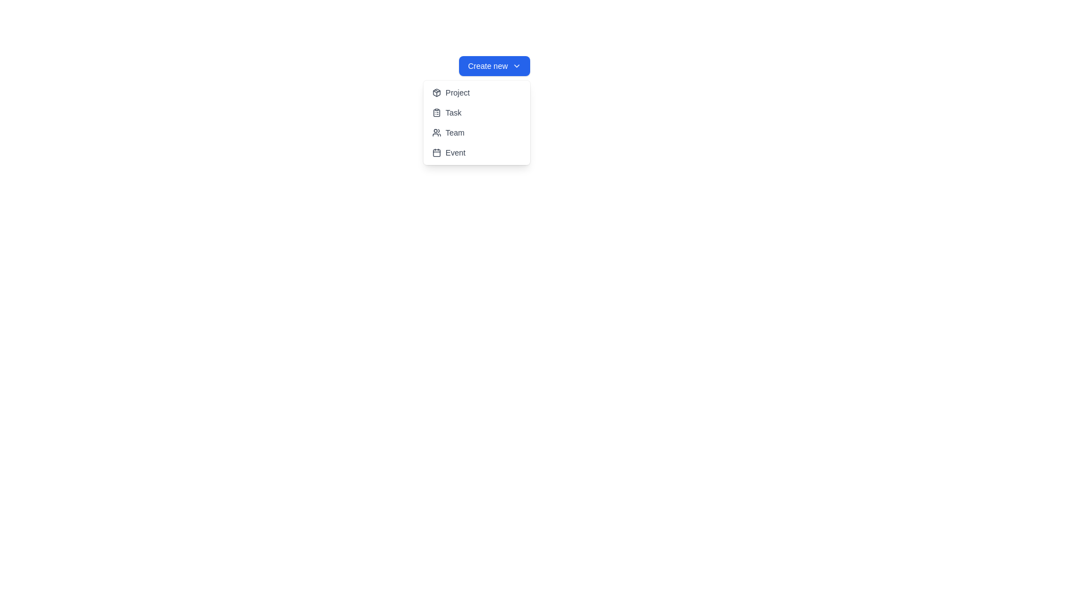 The height and width of the screenshot is (600, 1067). I want to click on the decorative icon representing the 'Project' option in the dropdown menu, located above the label 'Project' and below the 'Create new' button, so click(436, 92).